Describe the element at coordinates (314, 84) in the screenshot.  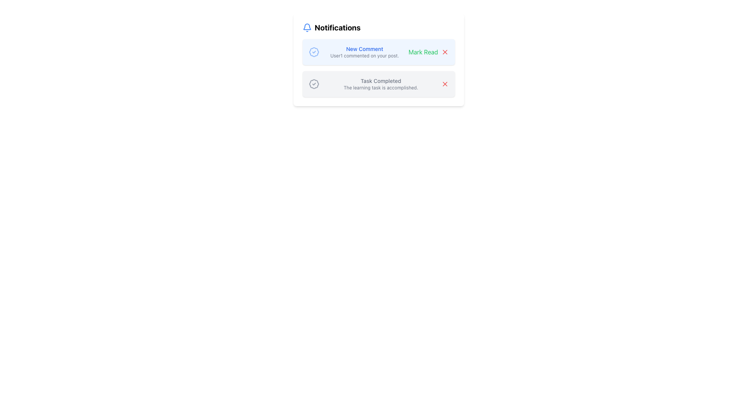
I see `the Decorative Icon, a circular badge-like element with a scalloped border, located in the lower notification entry panel next to the 'Task Completed' red icon` at that location.